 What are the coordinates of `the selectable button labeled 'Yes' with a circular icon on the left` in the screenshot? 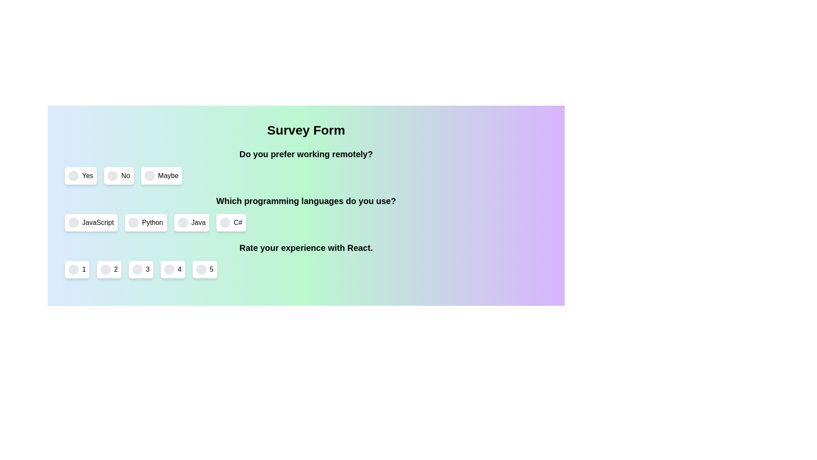 It's located at (81, 175).